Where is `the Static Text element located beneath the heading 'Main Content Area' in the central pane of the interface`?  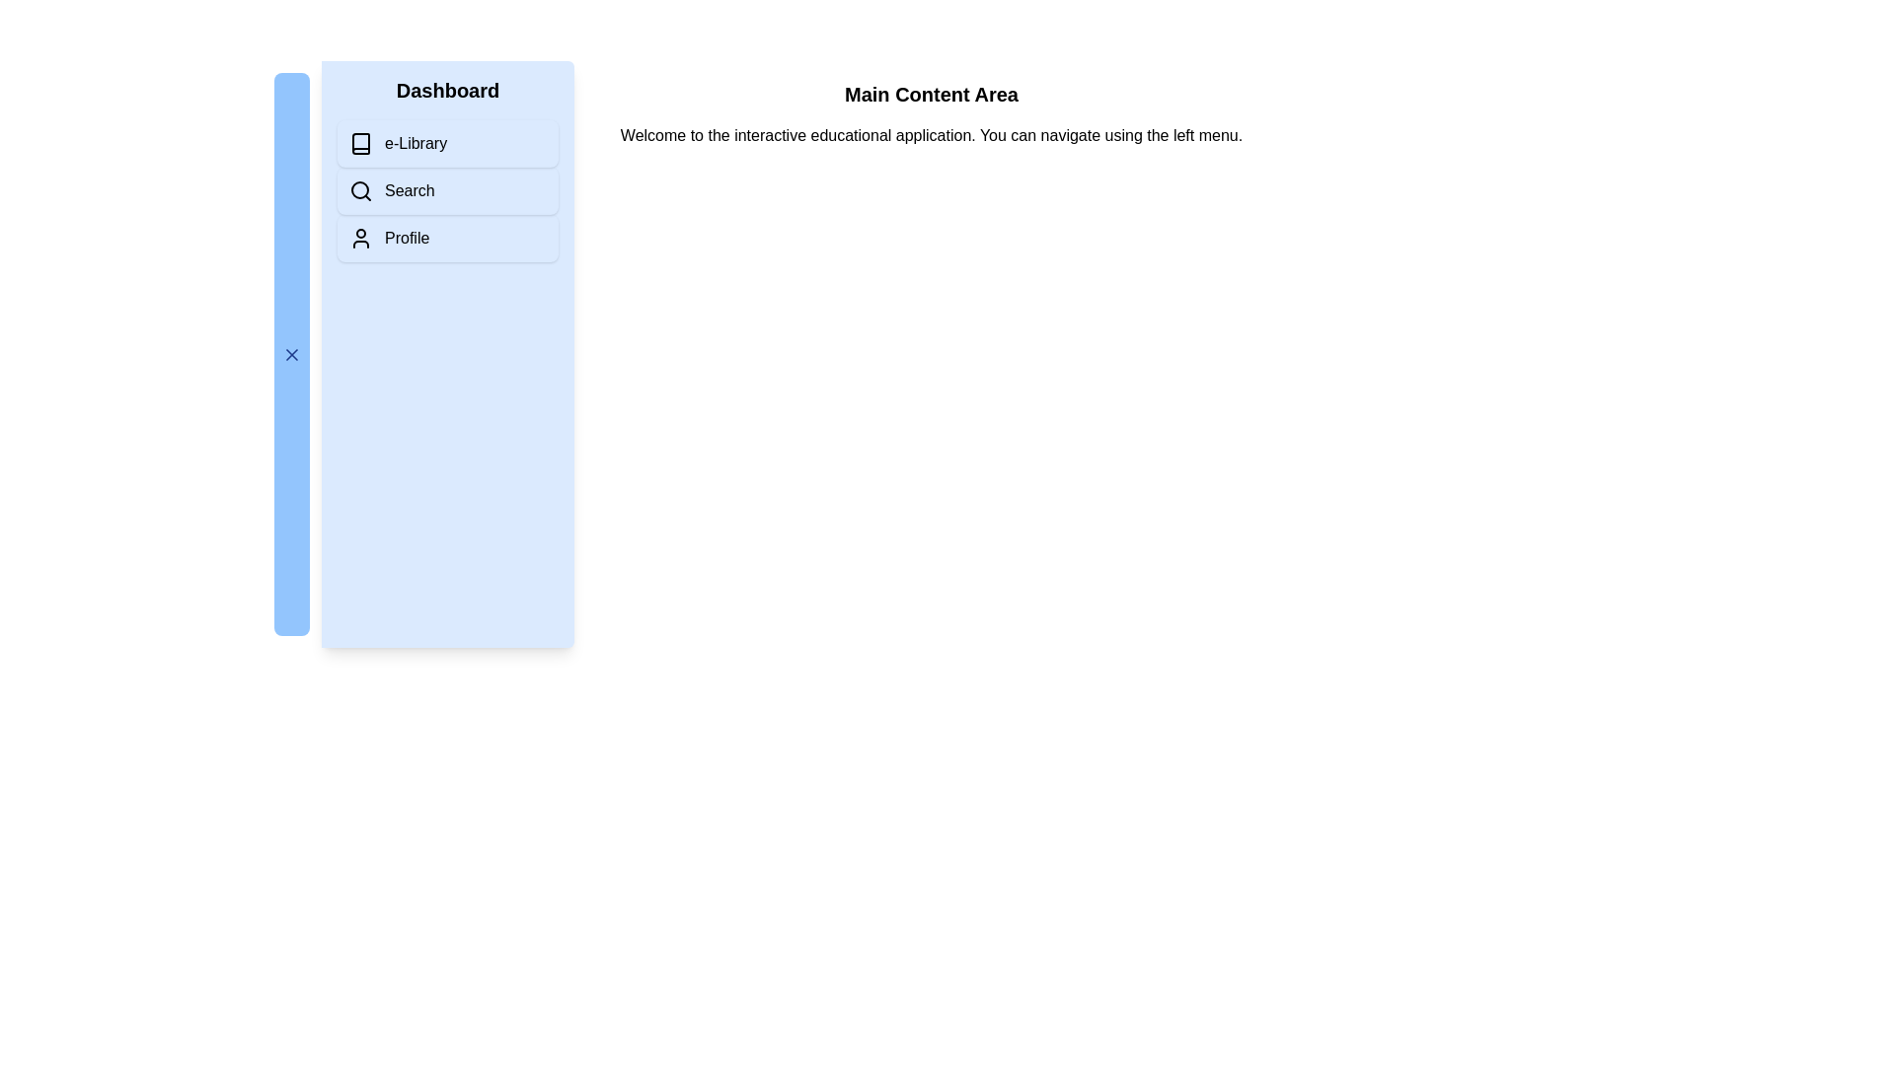 the Static Text element located beneath the heading 'Main Content Area' in the central pane of the interface is located at coordinates (931, 135).